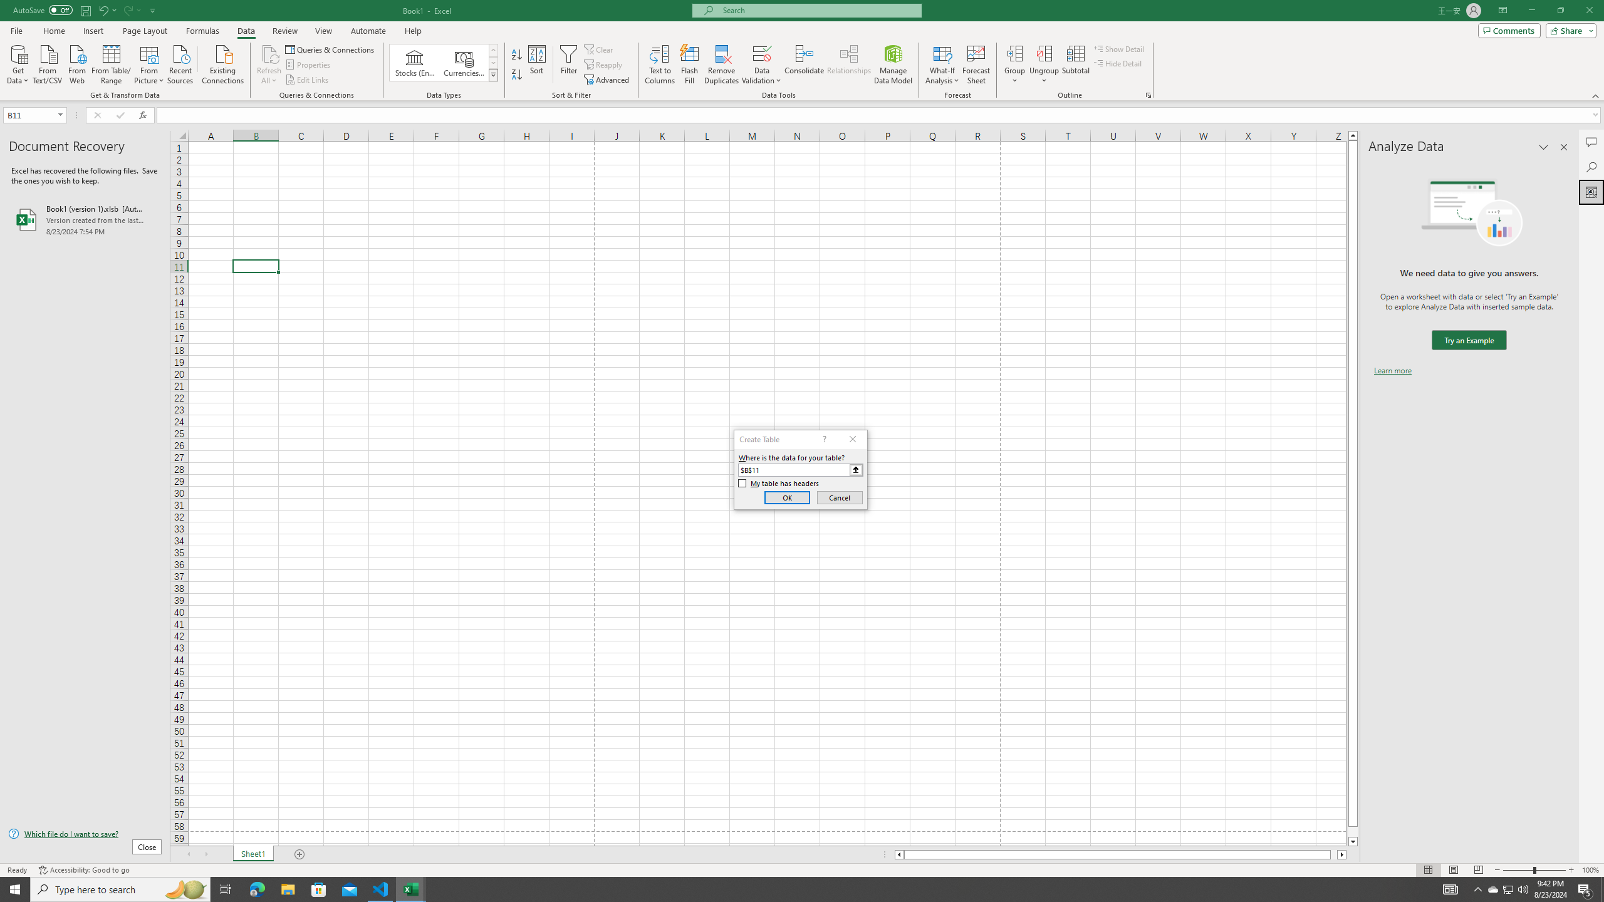  I want to click on 'Formulas', so click(204, 31).